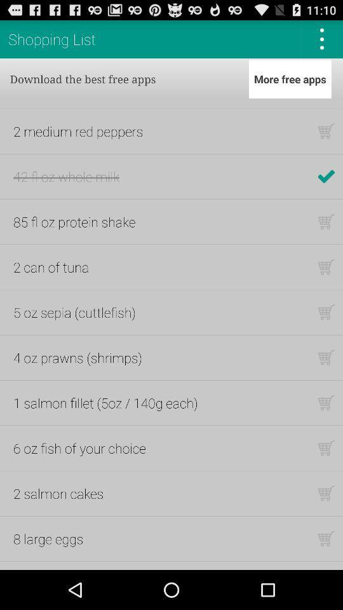  I want to click on 2 can of, so click(50, 266).